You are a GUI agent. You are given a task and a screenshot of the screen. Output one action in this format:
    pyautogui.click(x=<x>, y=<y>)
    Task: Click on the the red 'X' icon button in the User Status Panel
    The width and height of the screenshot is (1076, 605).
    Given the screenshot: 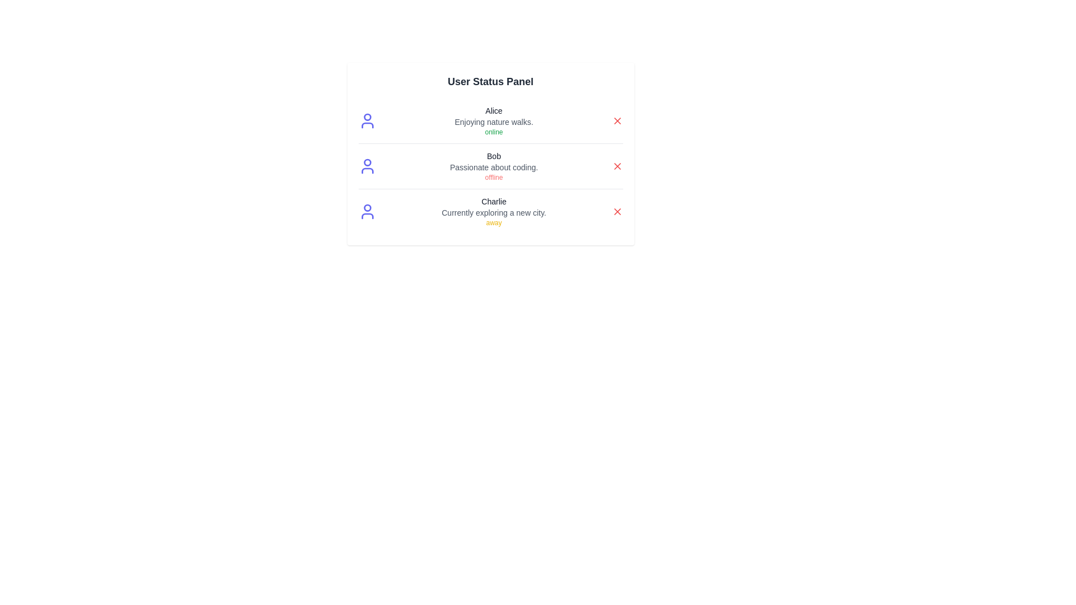 What is the action you would take?
    pyautogui.click(x=616, y=212)
    